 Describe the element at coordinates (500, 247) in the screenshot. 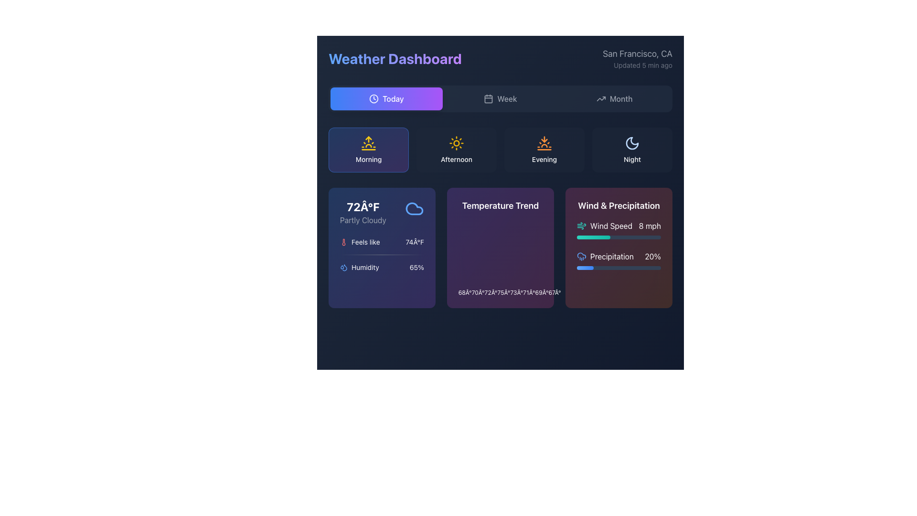

I see `the Informational Card that displays the temperature trend, located in the center of the second row of the grid layout` at that location.